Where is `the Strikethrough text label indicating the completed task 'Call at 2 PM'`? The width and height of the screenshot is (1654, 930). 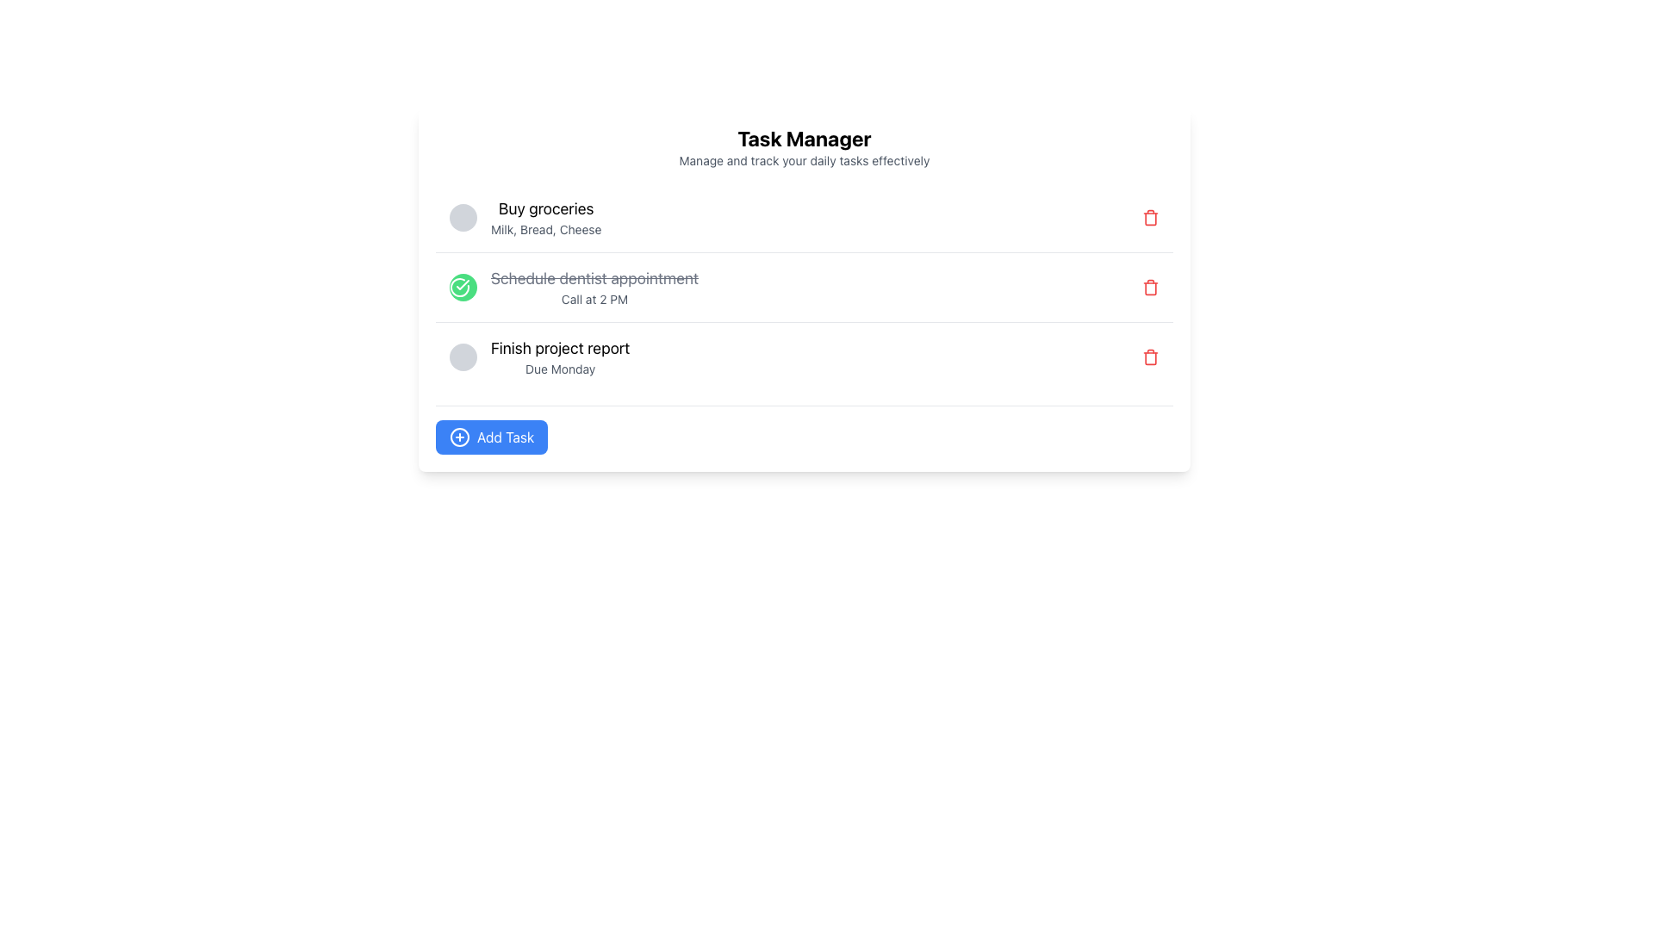 the Strikethrough text label indicating the completed task 'Call at 2 PM' is located at coordinates (594, 278).